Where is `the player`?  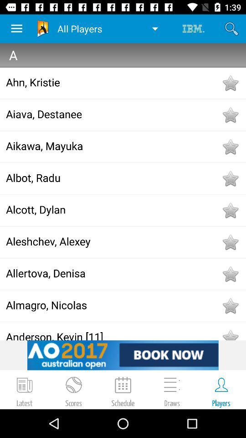
the player is located at coordinates (230, 306).